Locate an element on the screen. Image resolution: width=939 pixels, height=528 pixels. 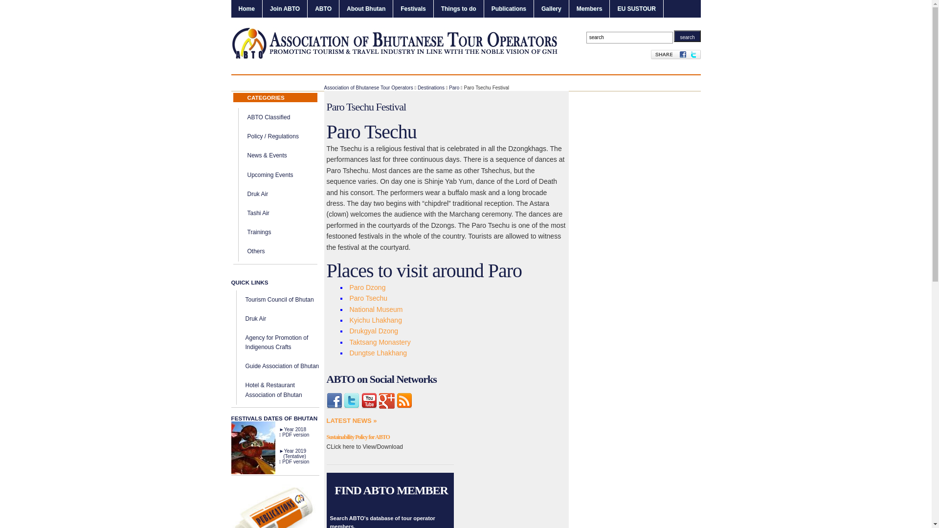
'Tourism Council of Bhutan' is located at coordinates (279, 299).